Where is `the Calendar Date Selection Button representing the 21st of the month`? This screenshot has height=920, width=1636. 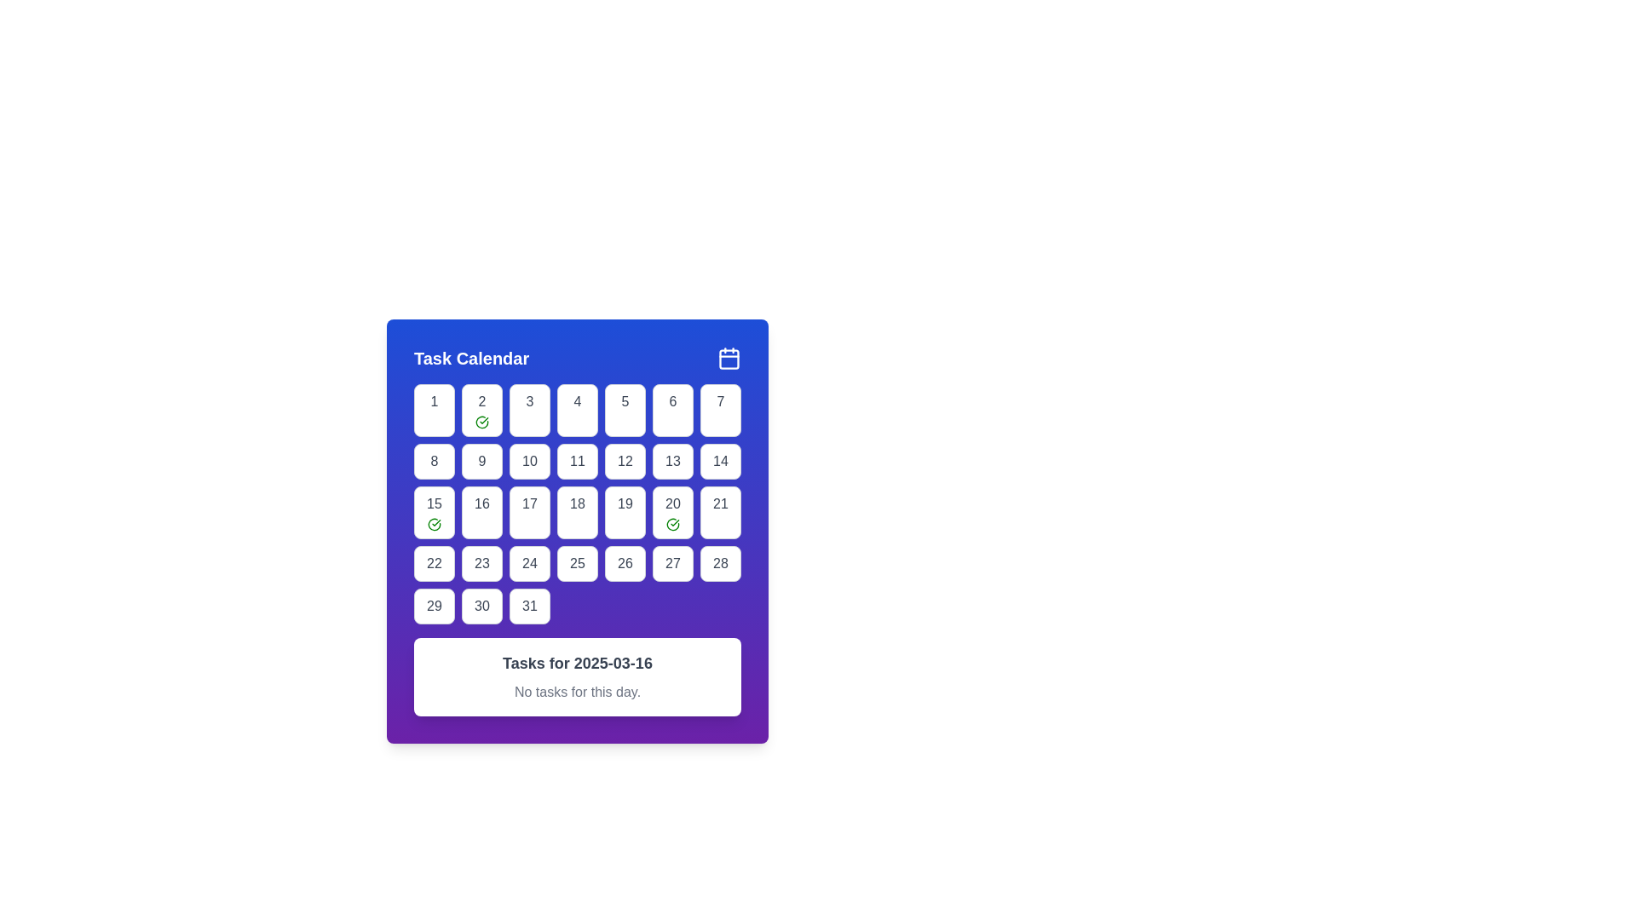
the Calendar Date Selection Button representing the 21st of the month is located at coordinates (720, 503).